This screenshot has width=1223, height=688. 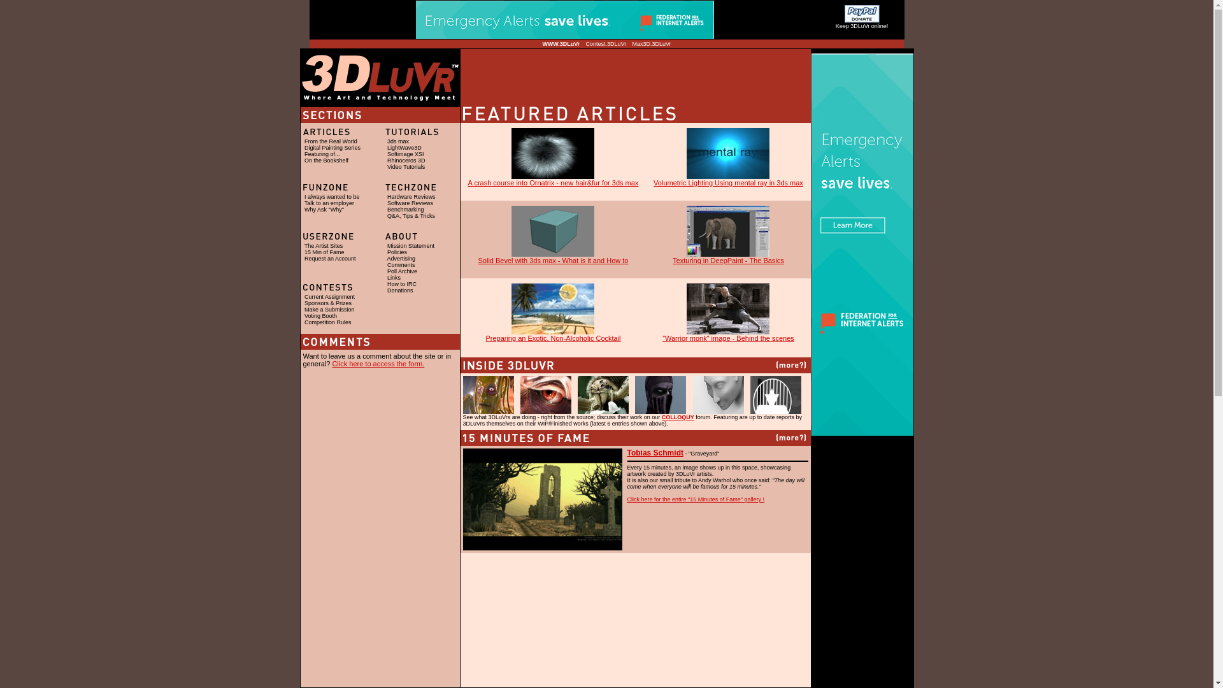 What do you see at coordinates (326, 159) in the screenshot?
I see `'On the Bookshelf'` at bounding box center [326, 159].